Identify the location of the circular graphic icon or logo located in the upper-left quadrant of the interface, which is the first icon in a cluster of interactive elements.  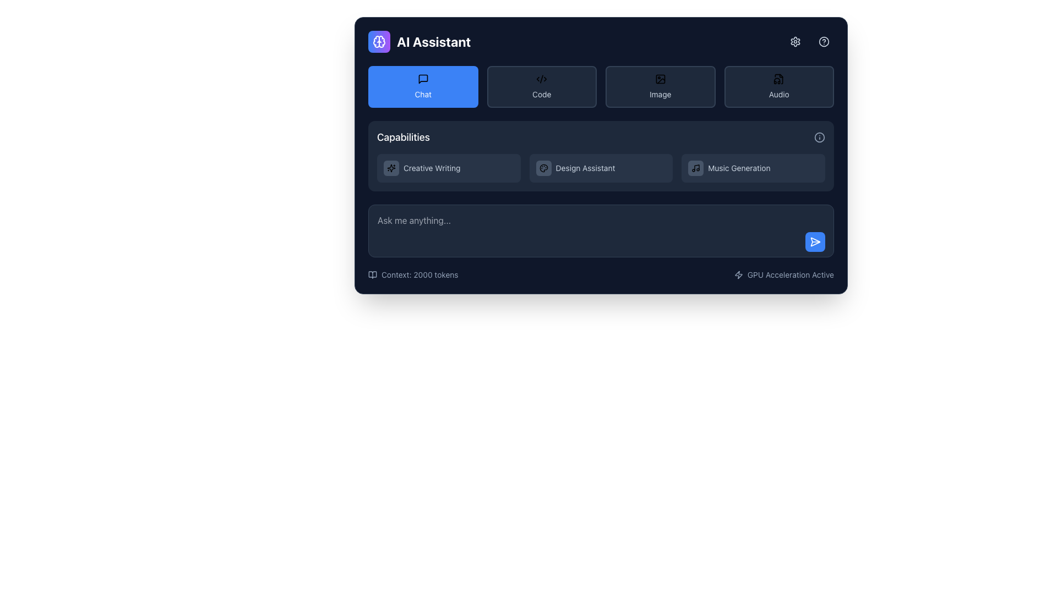
(377, 41).